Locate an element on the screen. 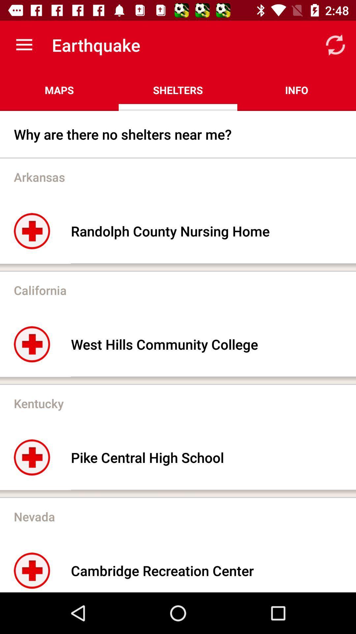 This screenshot has height=634, width=356. the info item is located at coordinates (296, 90).